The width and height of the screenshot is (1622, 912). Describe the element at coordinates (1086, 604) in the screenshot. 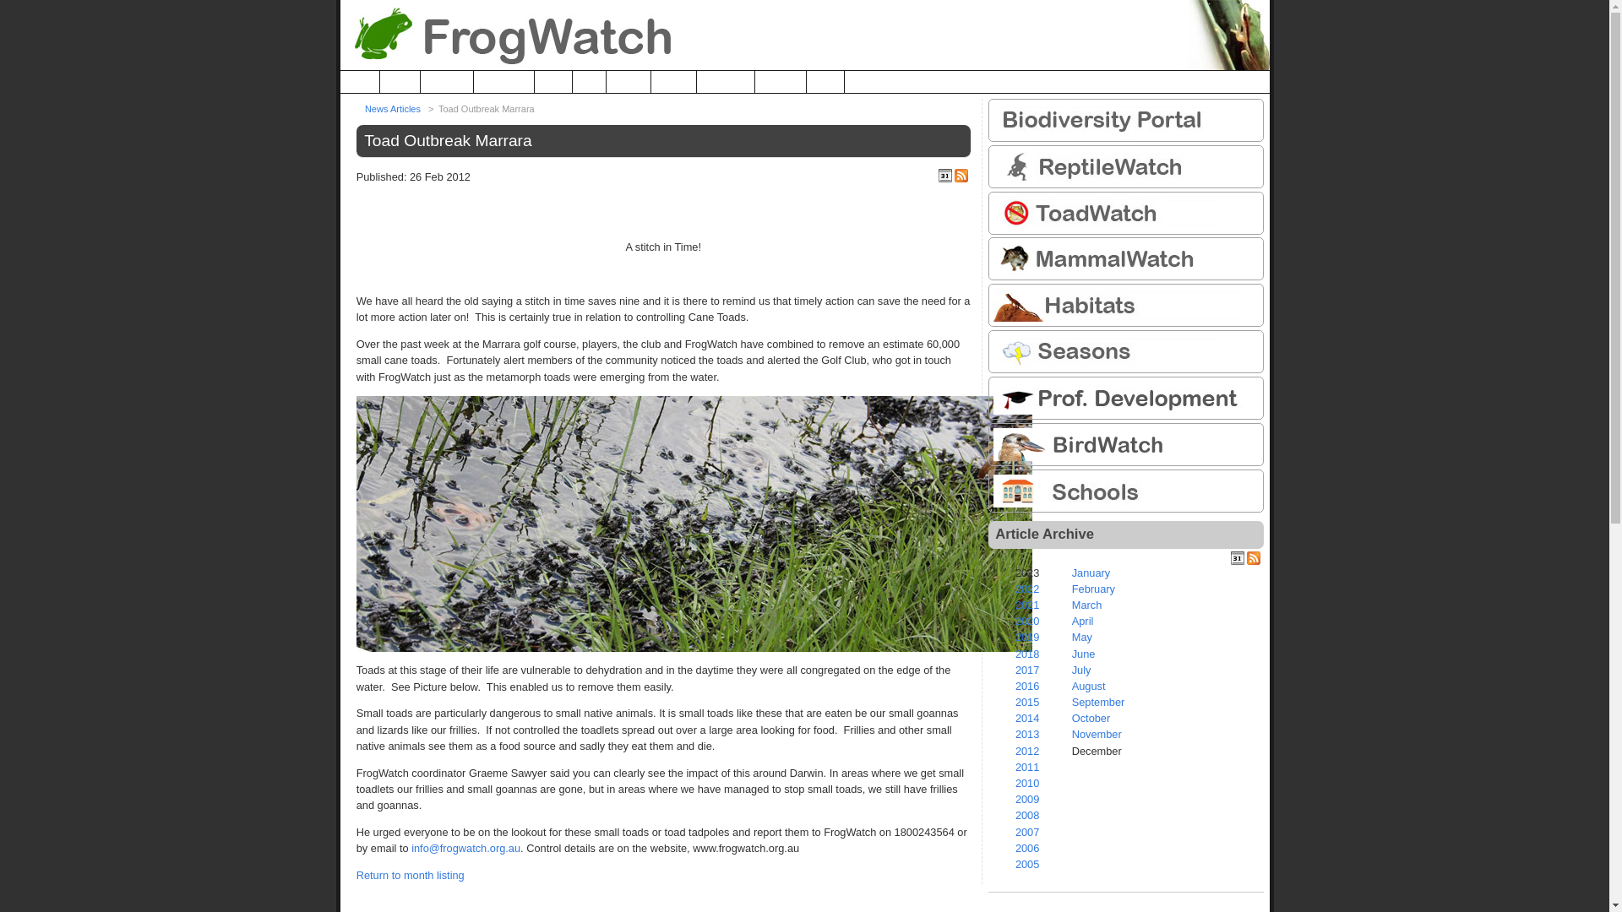

I see `'March'` at that location.